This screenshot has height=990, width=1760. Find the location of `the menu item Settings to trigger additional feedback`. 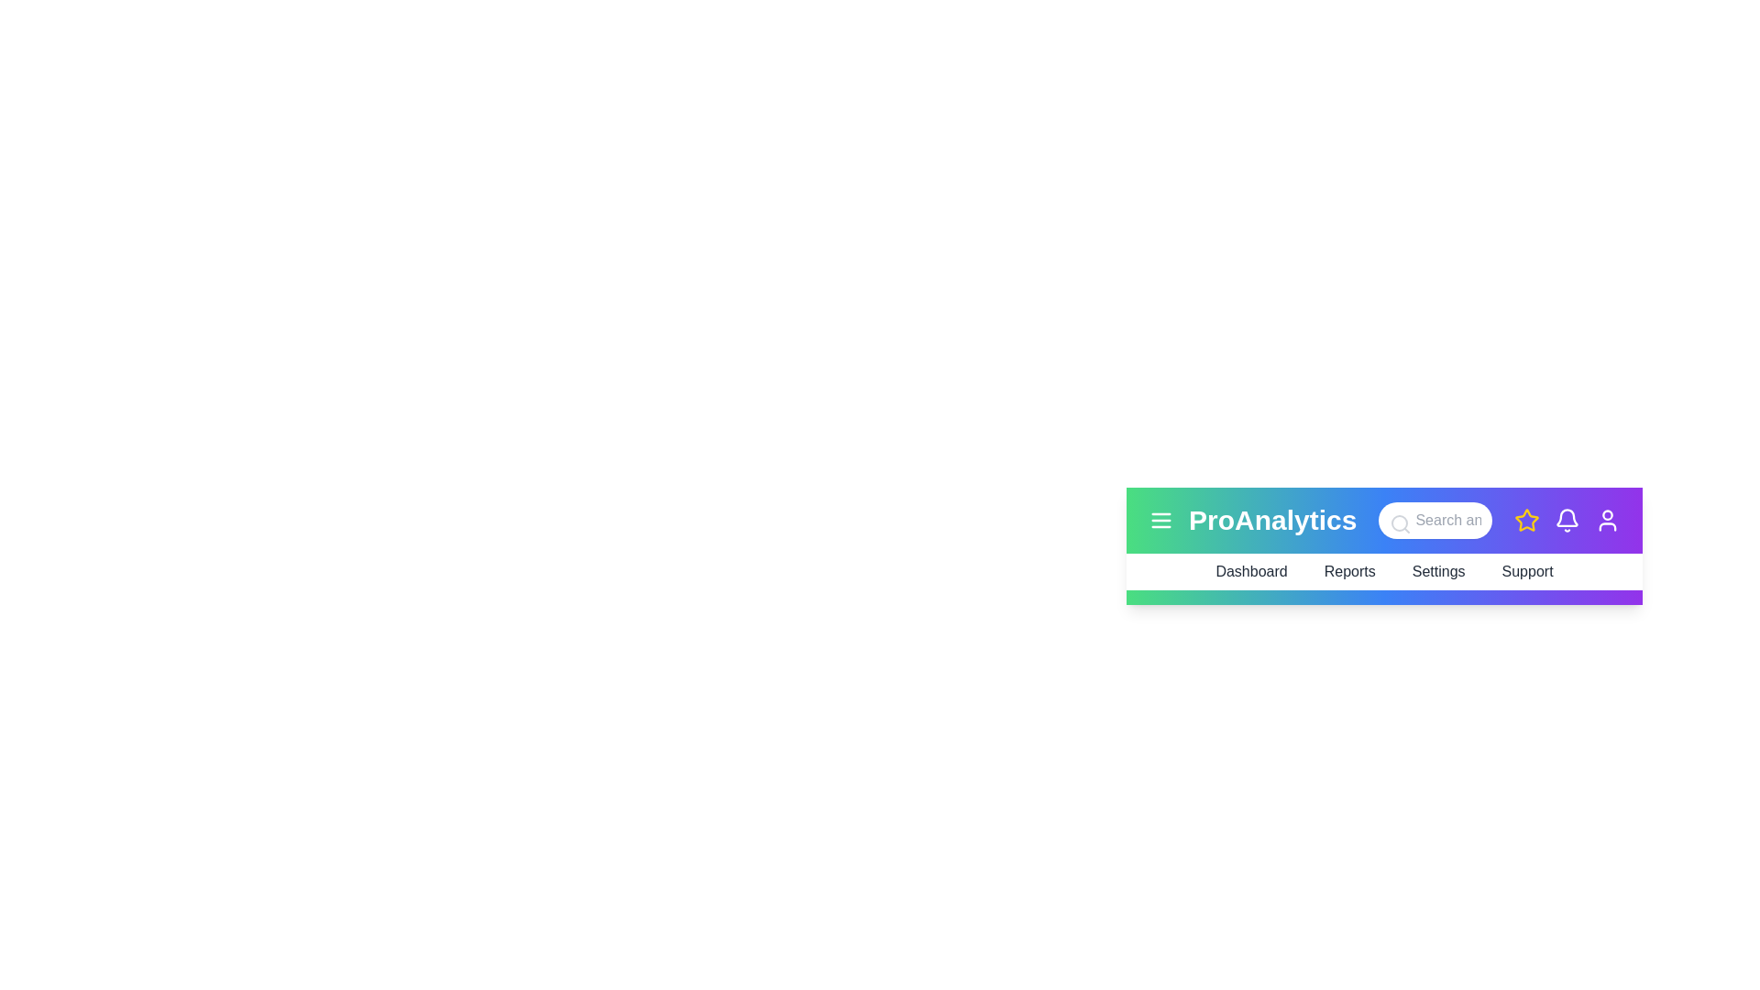

the menu item Settings to trigger additional feedback is located at coordinates (1437, 571).